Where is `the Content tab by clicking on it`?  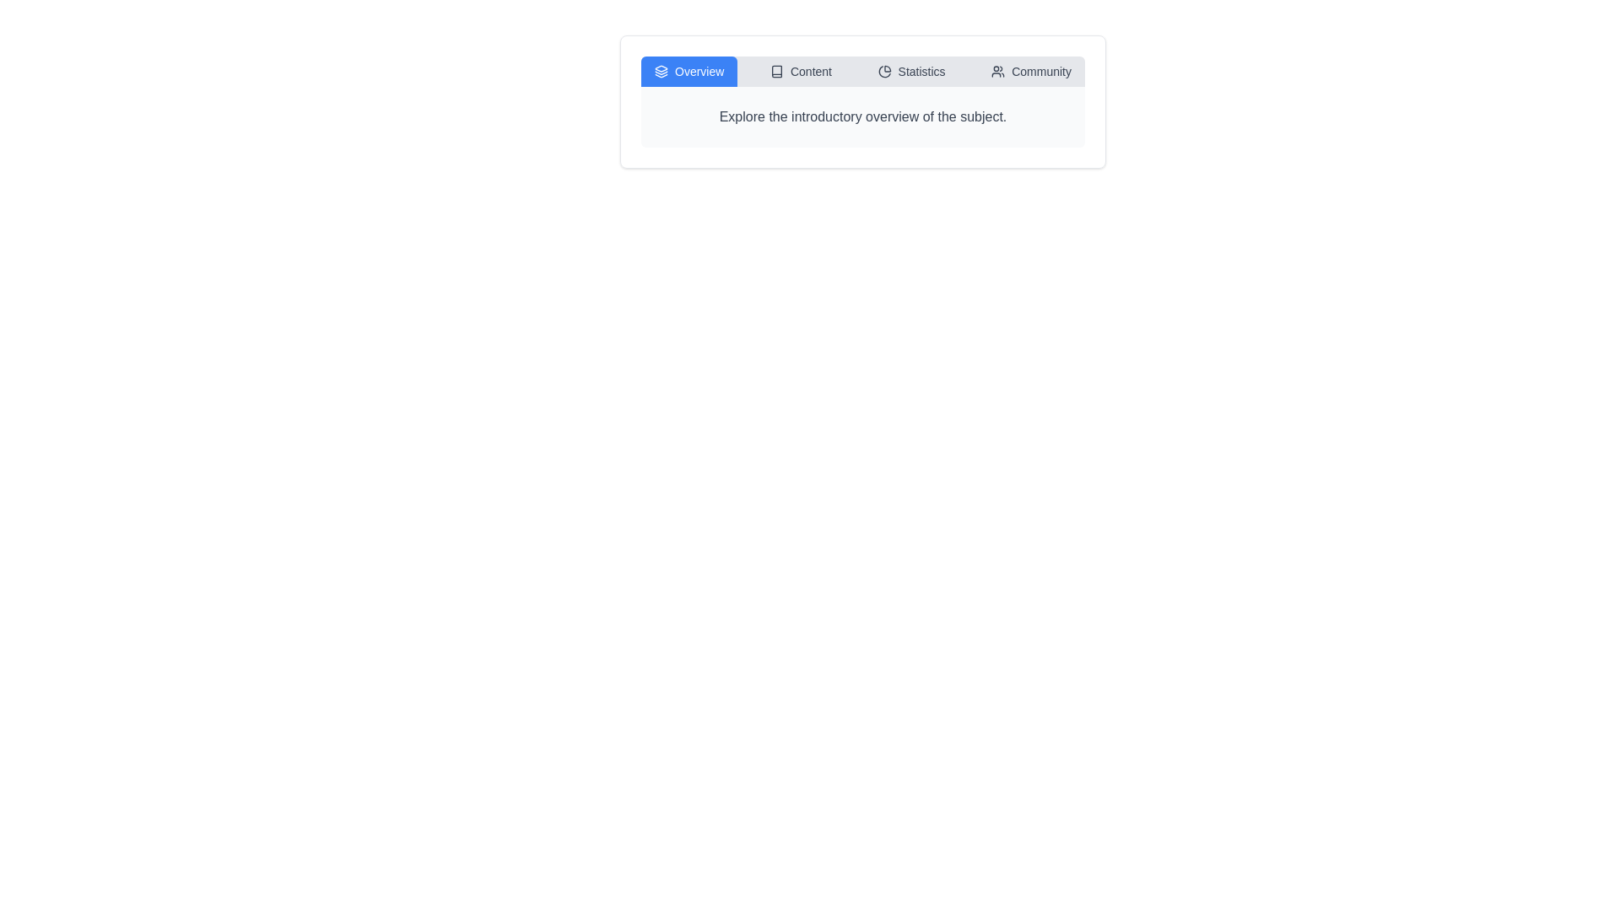
the Content tab by clicking on it is located at coordinates (800, 70).